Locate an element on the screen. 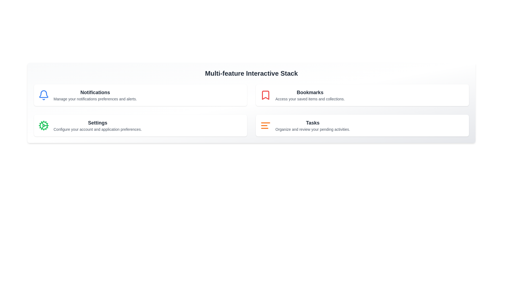 Image resolution: width=522 pixels, height=293 pixels. the text element displaying 'Configure your account and application preferences.' located below the 'Settings' title is located at coordinates (98, 129).